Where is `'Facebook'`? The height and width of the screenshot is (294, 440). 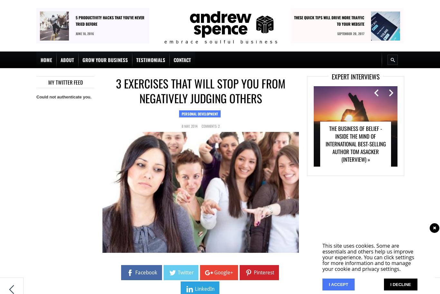
'Facebook' is located at coordinates (145, 272).